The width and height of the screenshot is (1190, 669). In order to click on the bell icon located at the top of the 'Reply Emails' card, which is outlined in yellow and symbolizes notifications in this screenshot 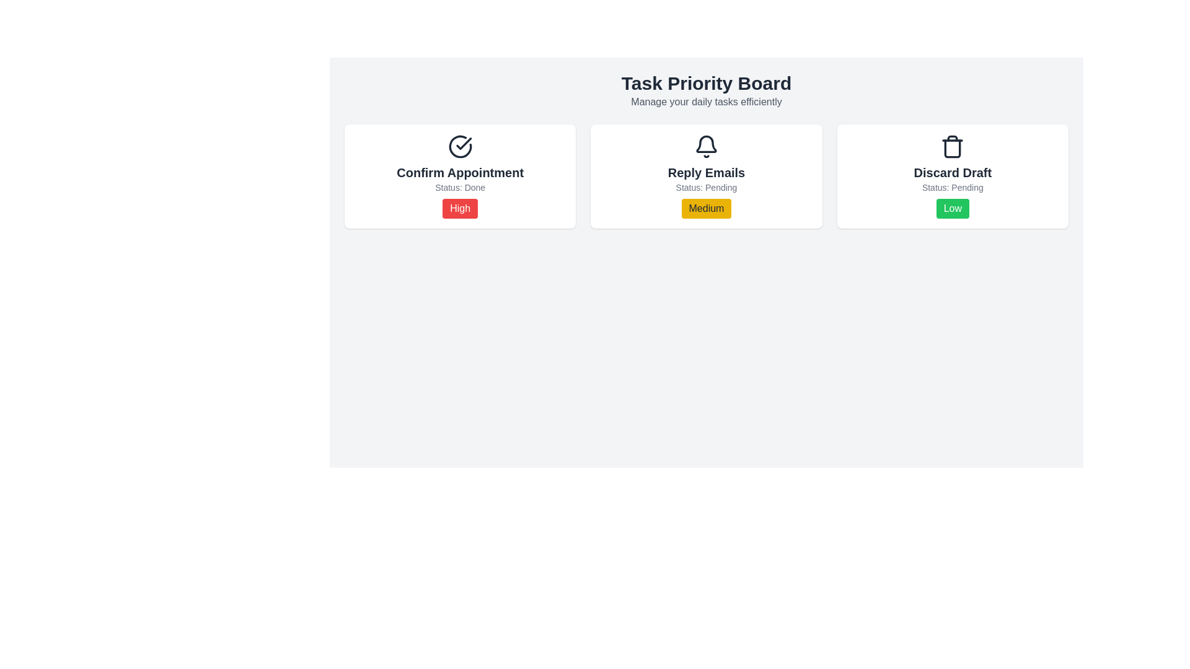, I will do `click(706, 146)`.